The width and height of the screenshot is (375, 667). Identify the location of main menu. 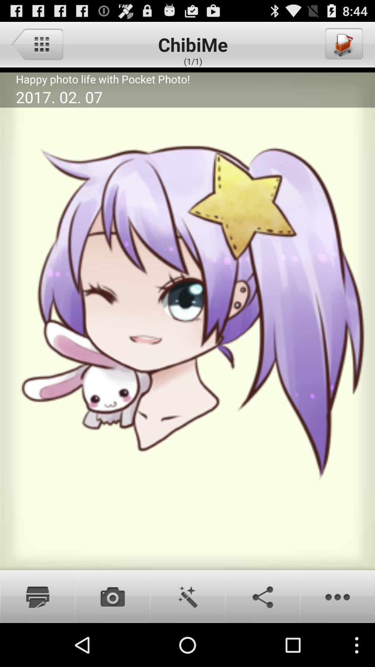
(37, 44).